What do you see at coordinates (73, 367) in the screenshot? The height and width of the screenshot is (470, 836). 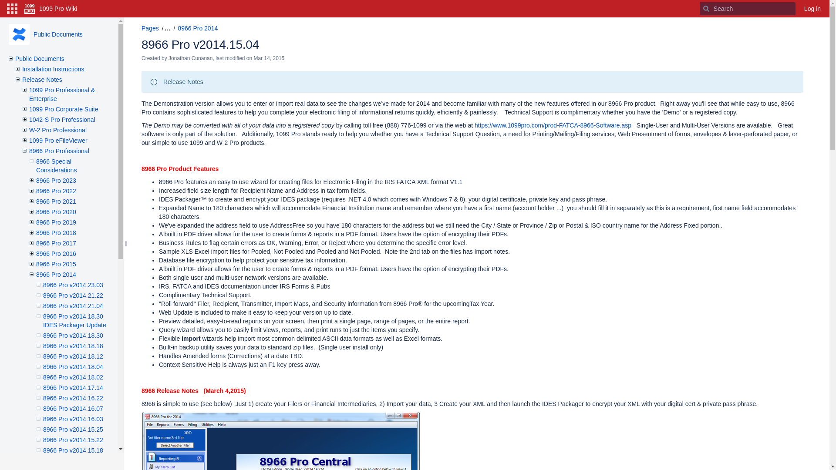 I see `'8966 Pro v2014.18.04'` at bounding box center [73, 367].